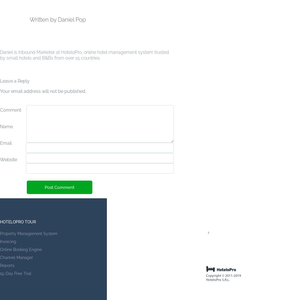 This screenshot has height=300, width=285. I want to click on 'Partners', so click(119, 249).